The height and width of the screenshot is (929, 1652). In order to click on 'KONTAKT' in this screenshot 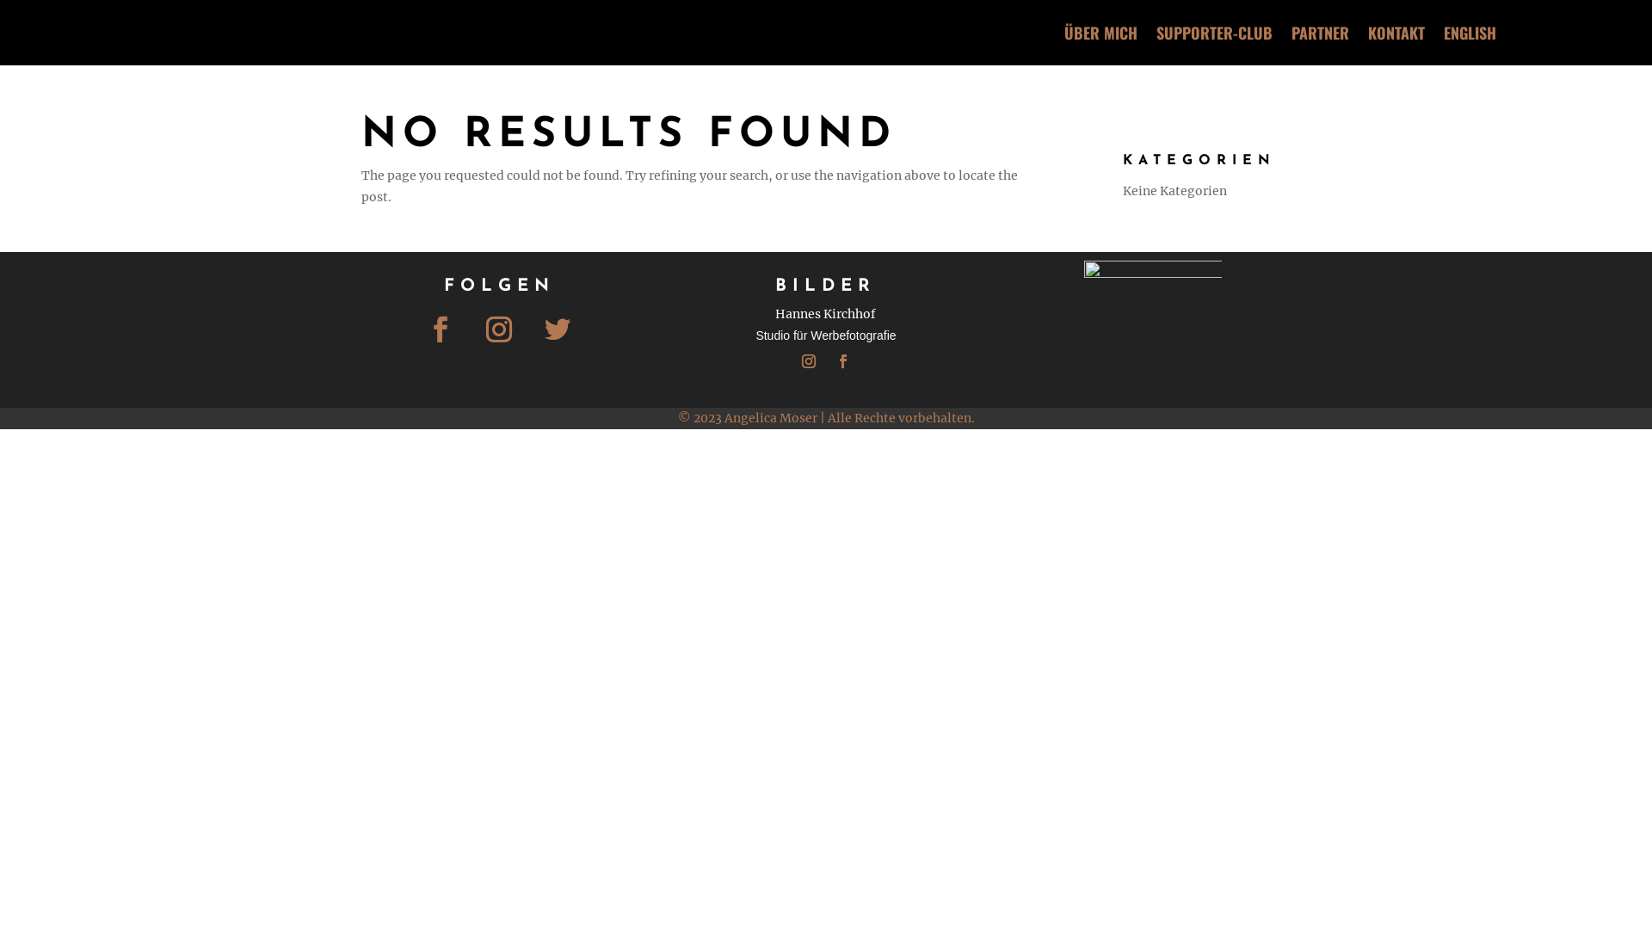, I will do `click(1396, 33)`.